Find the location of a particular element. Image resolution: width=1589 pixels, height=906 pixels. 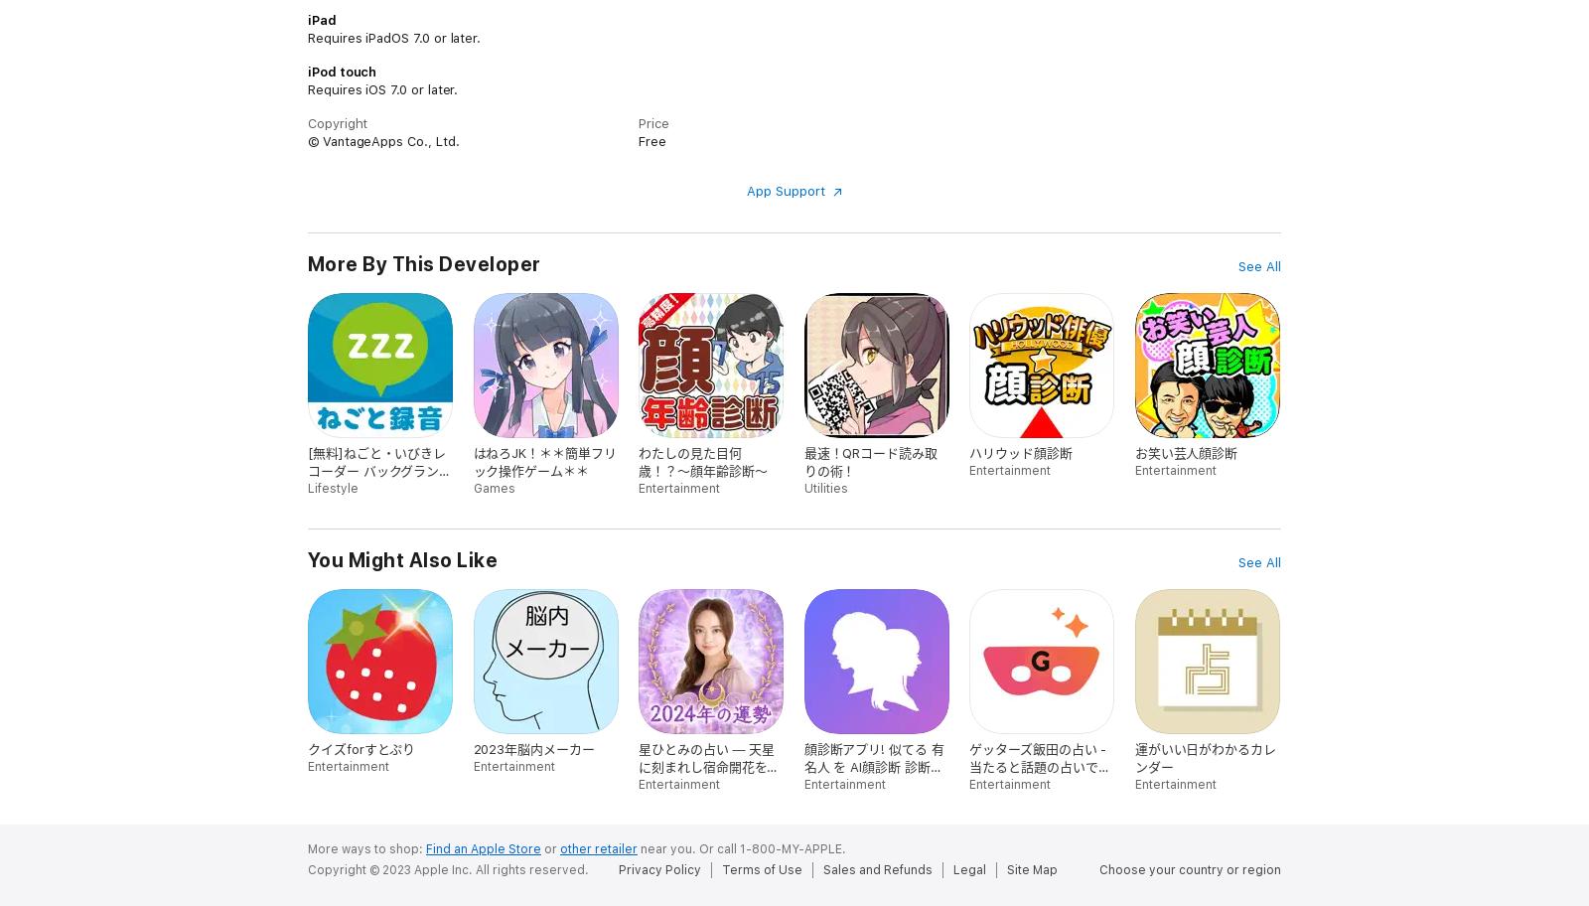

'More ways to shop:' is located at coordinates (366, 849).